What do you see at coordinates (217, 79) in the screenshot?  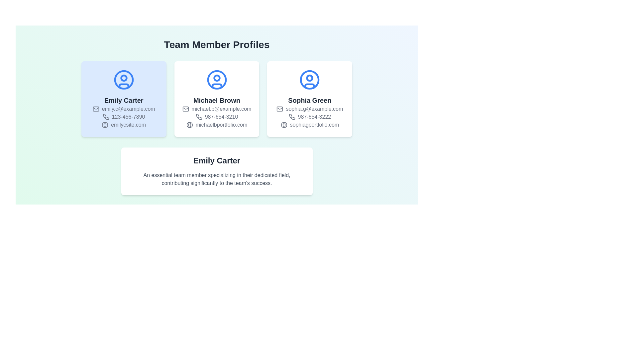 I see `the decorative circular icon with a blue outline in the user profile representation for 'Michael Brown', located at the center of the card's top half` at bounding box center [217, 79].